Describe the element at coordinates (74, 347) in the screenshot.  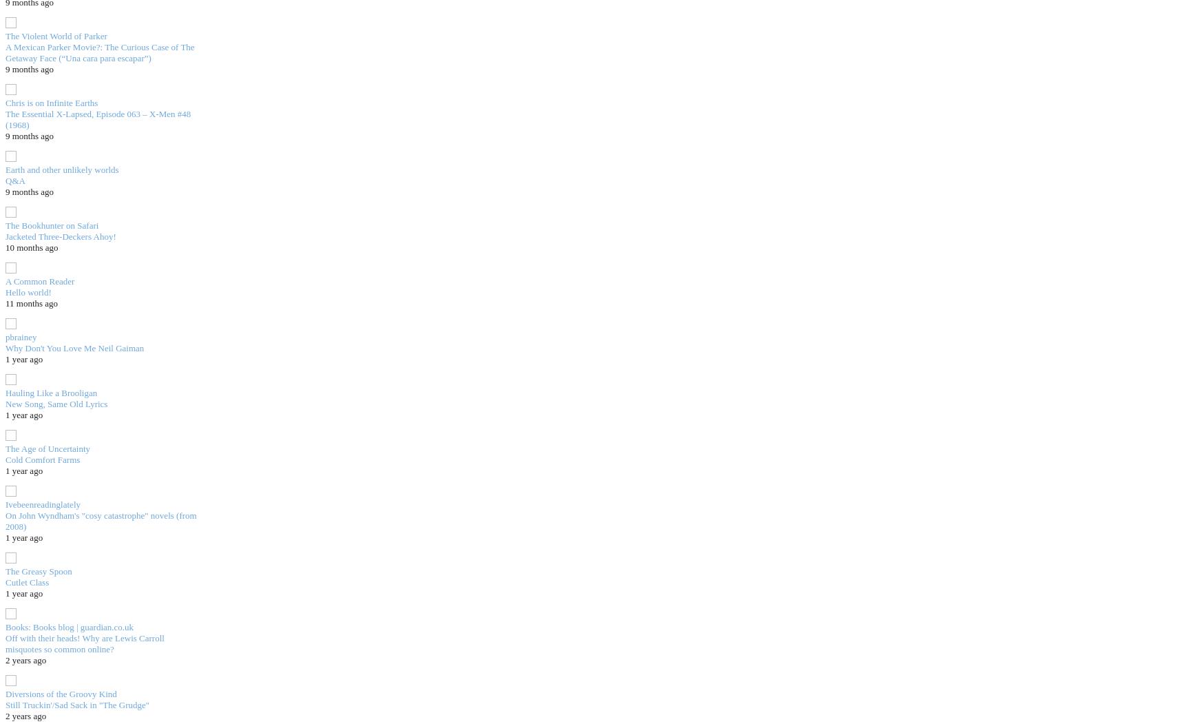
I see `'Why Don't You Love Me Neil Gaiman'` at that location.